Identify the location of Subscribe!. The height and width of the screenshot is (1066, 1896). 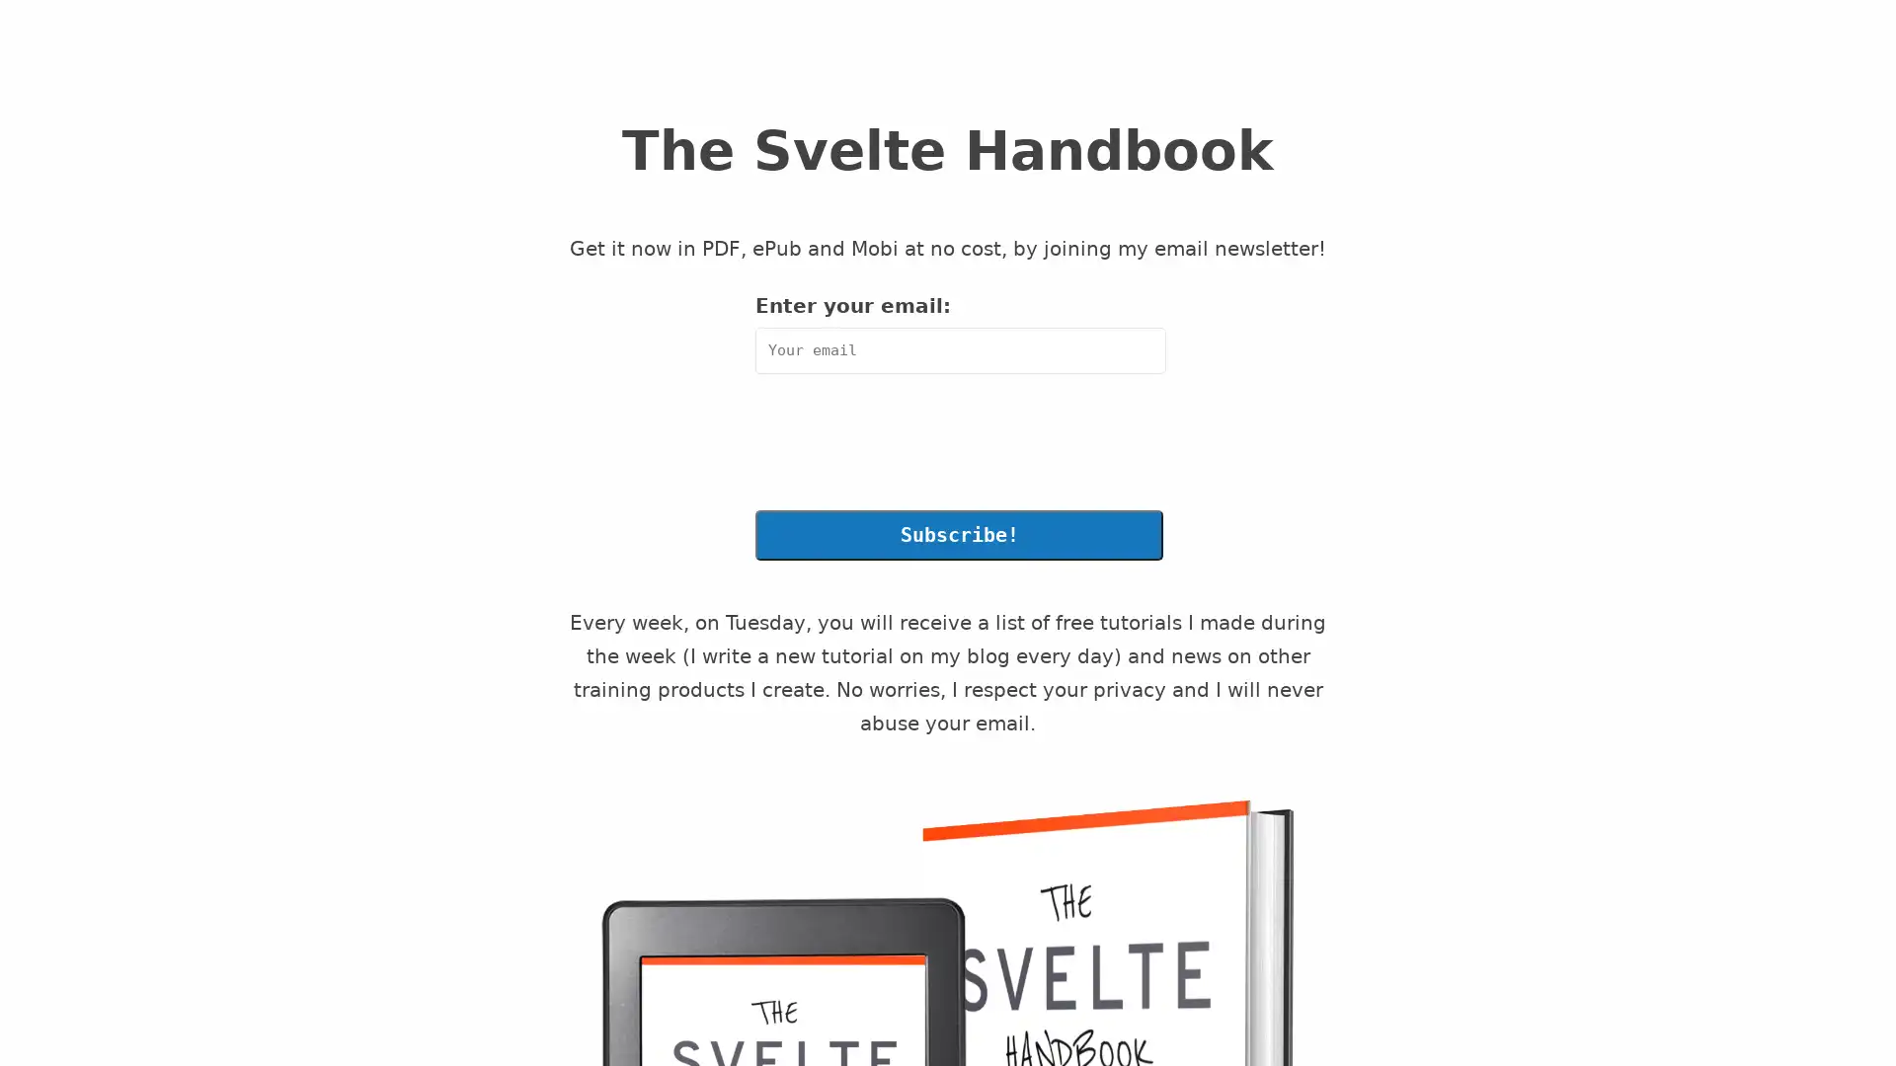
(959, 535).